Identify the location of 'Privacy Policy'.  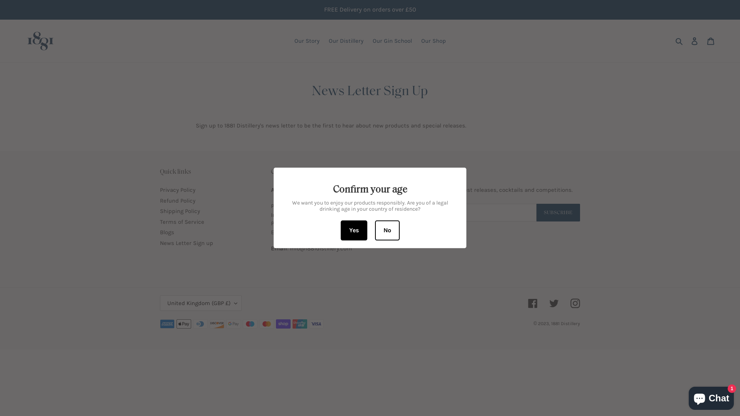
(177, 190).